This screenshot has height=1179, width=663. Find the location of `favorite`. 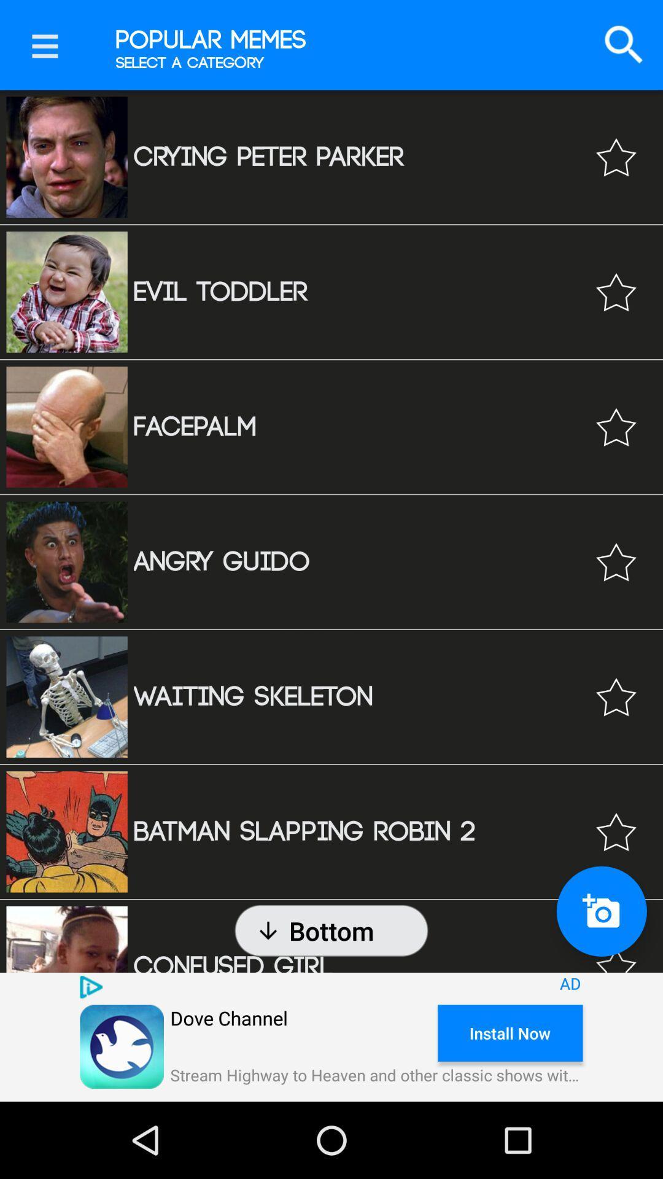

favorite is located at coordinates (616, 697).